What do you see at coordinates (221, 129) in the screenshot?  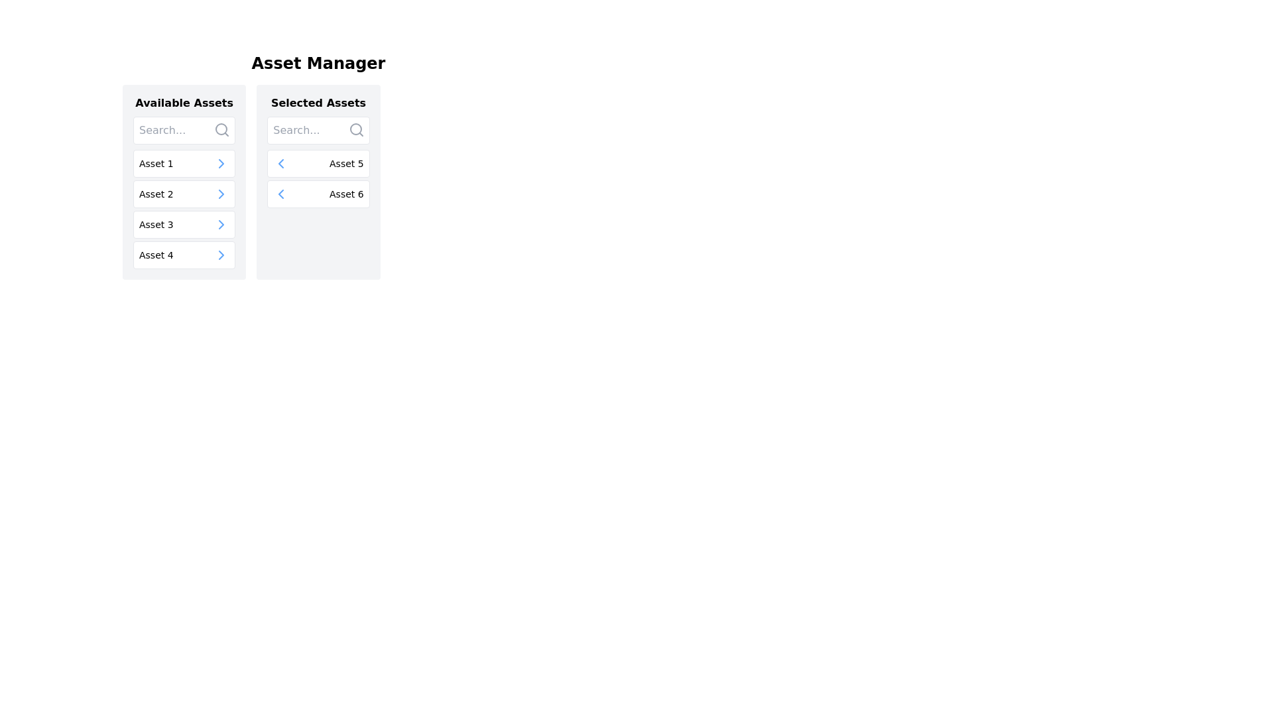 I see `the SVG circle element that is part of the search icon for the 'Available Assets' section, which is located inside the column header aligned to the right of the text input box` at bounding box center [221, 129].